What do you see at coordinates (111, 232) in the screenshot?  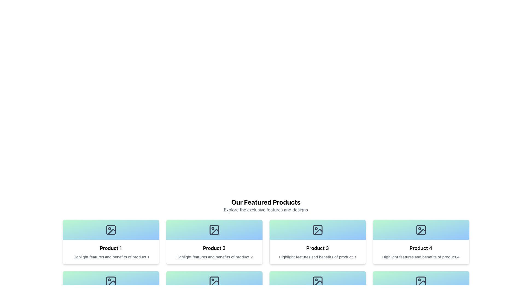 I see `the third Icon element within the SVG structure at the top center of the first product card, which resembles a cropped mountain and has a light blue fill` at bounding box center [111, 232].